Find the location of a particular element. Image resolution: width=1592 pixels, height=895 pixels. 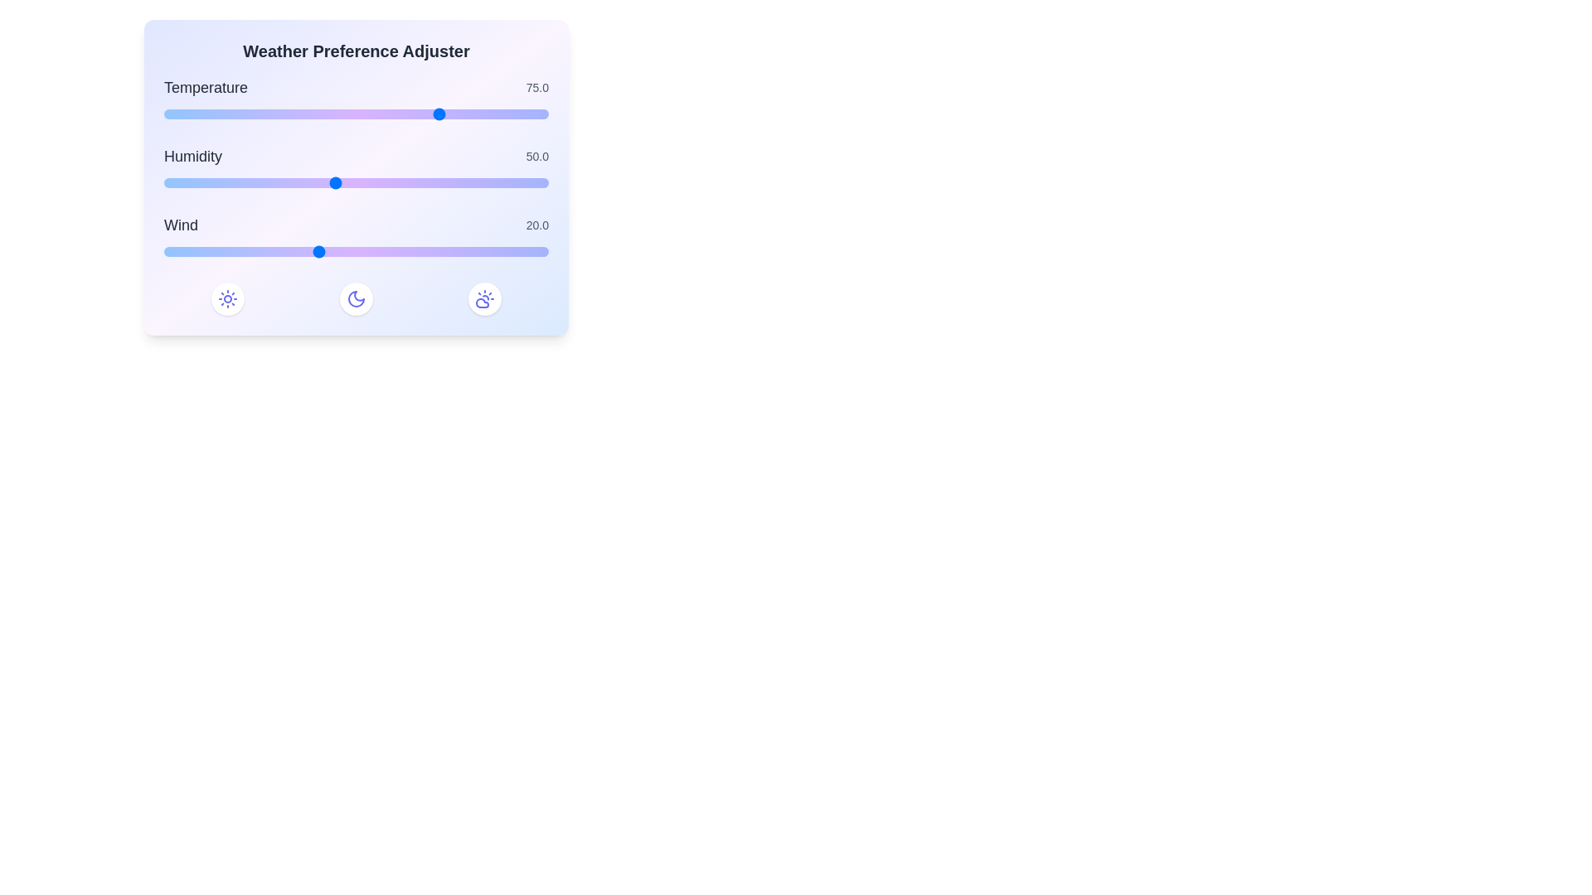

wind value is located at coordinates (255, 252).